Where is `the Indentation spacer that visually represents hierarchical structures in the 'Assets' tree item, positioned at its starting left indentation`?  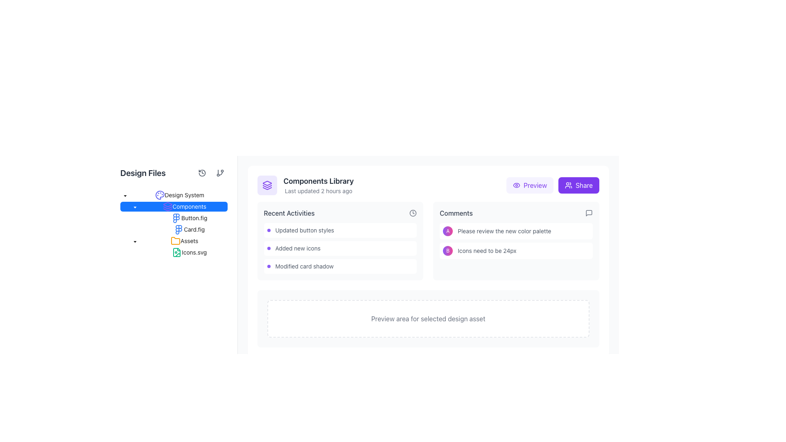 the Indentation spacer that visually represents hierarchical structures in the 'Assets' tree item, positioned at its starting left indentation is located at coordinates (125, 241).